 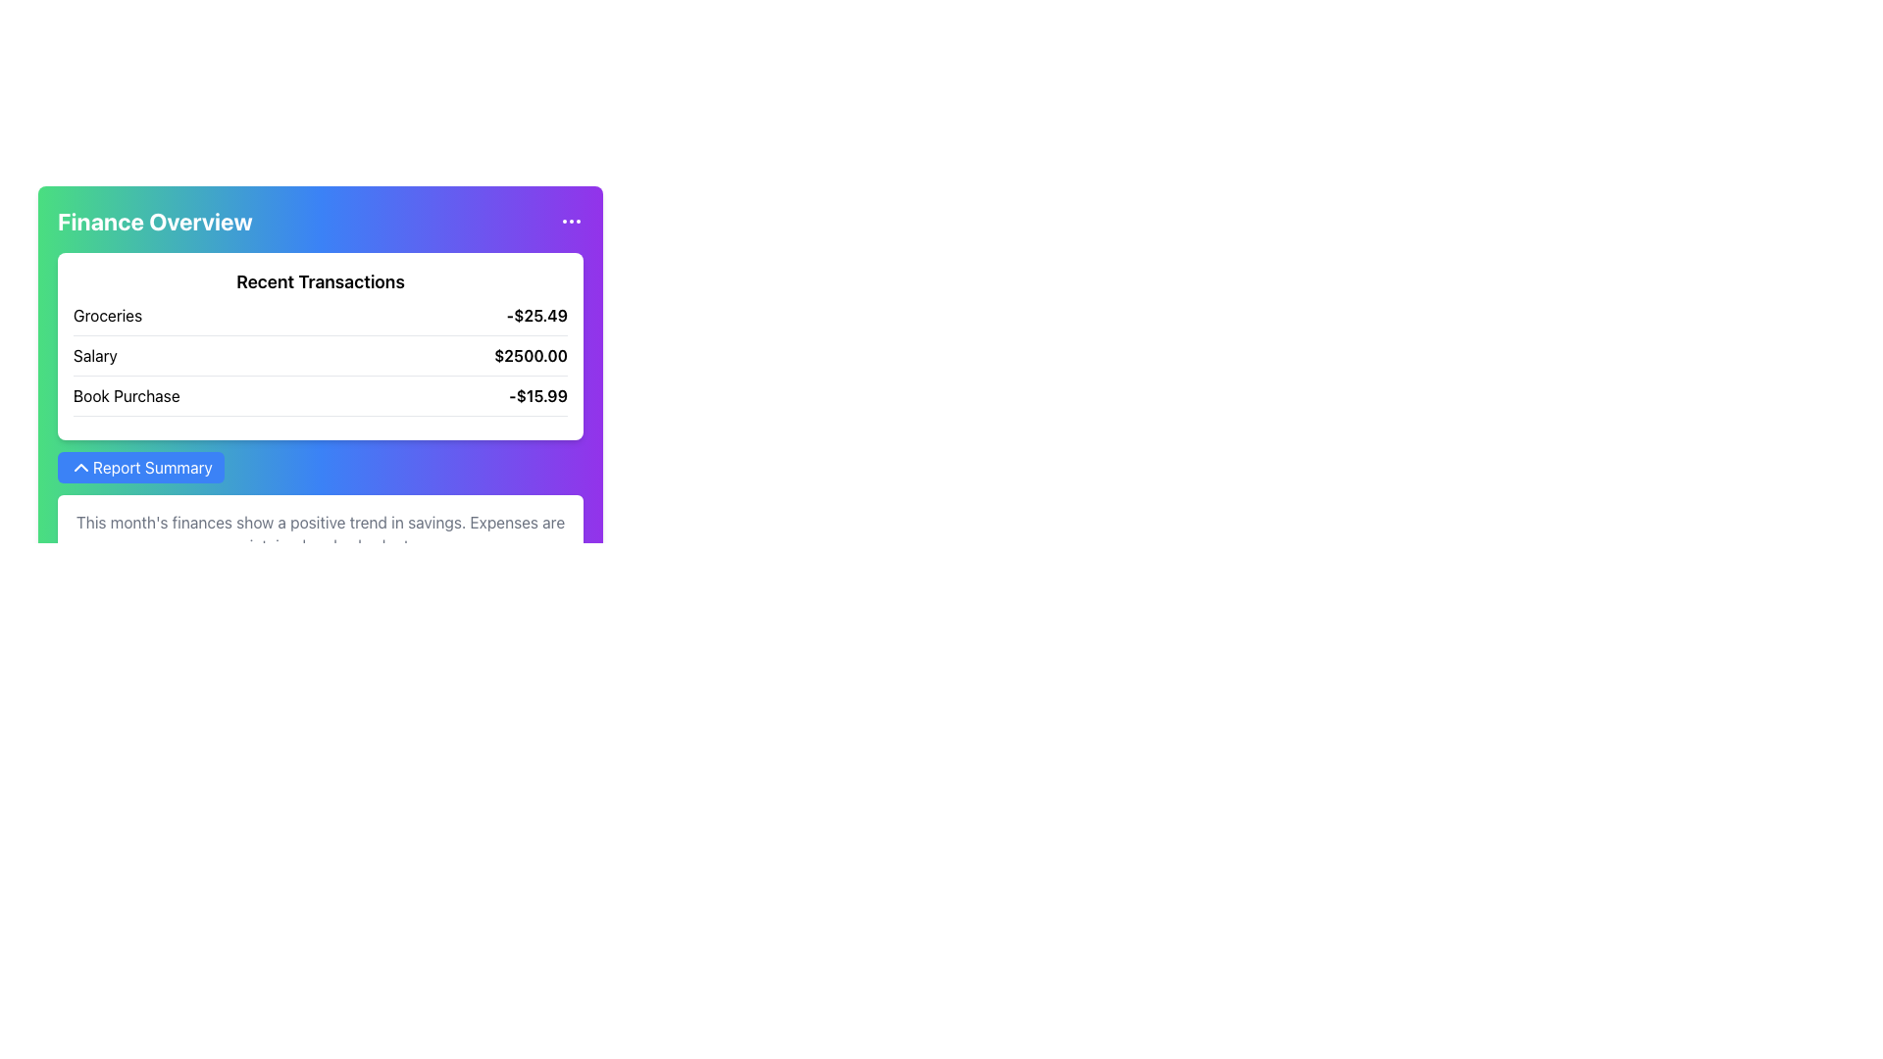 I want to click on the text label displaying 'Book Purchase' in the 'Recent Transactions' section of the 'Finance Overview' interface, so click(x=126, y=396).